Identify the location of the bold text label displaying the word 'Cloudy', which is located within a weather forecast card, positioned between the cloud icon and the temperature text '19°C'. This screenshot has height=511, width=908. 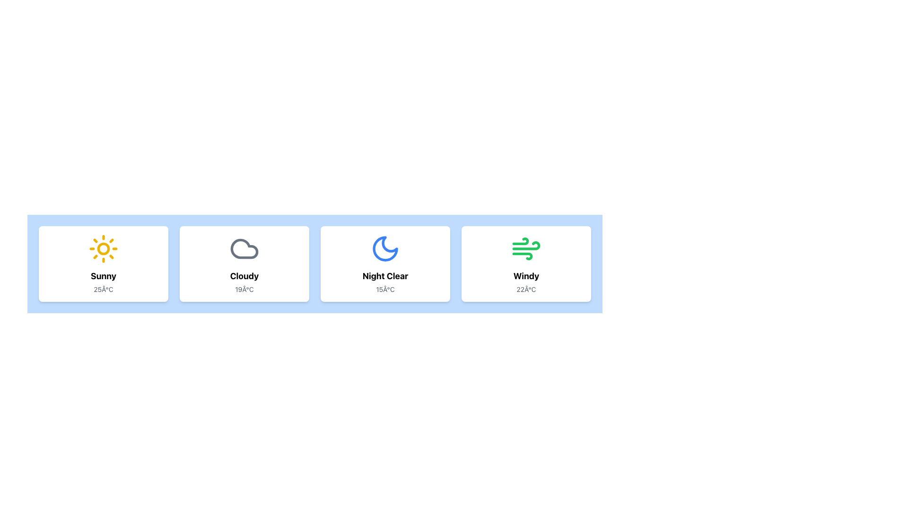
(244, 276).